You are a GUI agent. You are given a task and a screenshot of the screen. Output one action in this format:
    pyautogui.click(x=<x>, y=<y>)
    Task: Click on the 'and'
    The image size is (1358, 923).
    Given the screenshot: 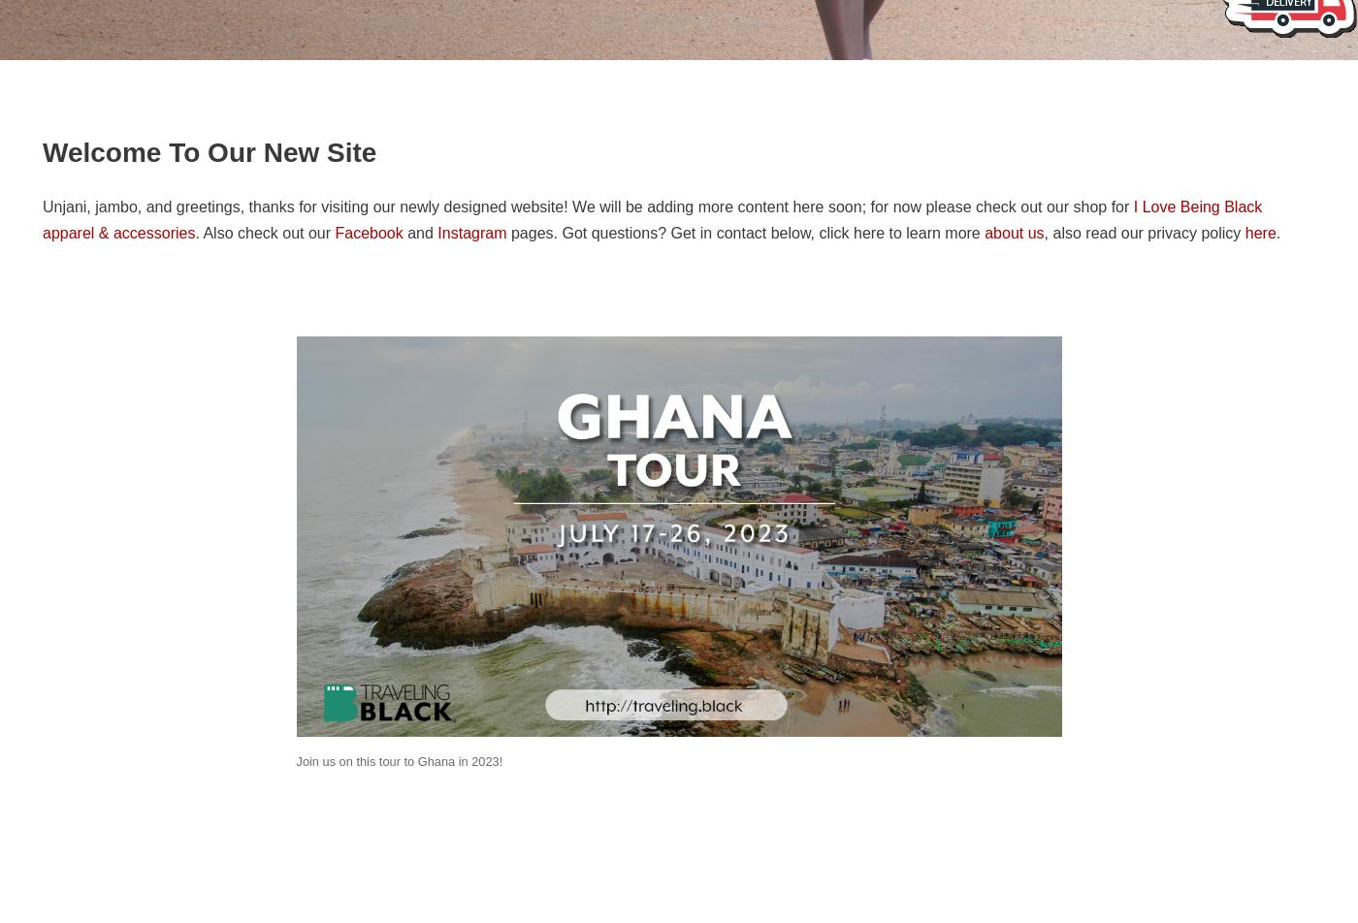 What is the action you would take?
    pyautogui.click(x=420, y=233)
    